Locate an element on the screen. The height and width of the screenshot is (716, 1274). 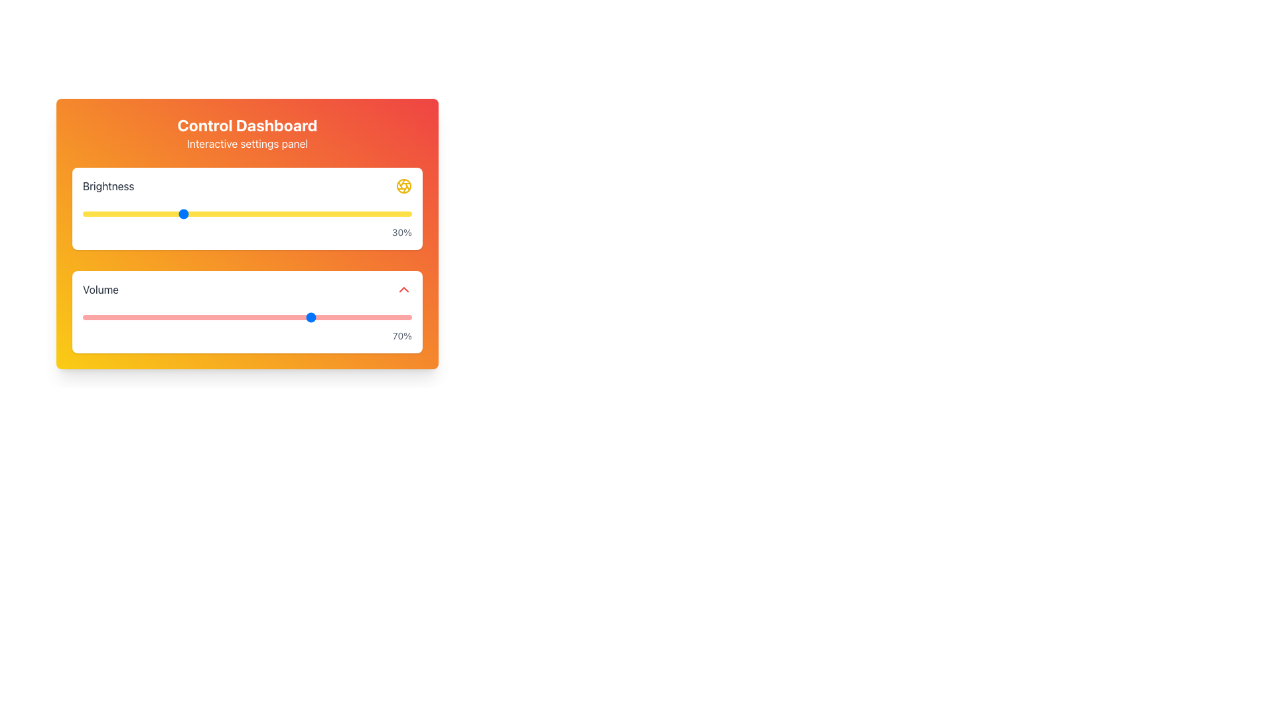
brightness is located at coordinates (323, 213).